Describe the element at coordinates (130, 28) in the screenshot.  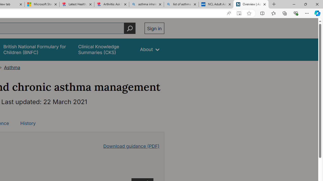
I see `'Perform search'` at that location.